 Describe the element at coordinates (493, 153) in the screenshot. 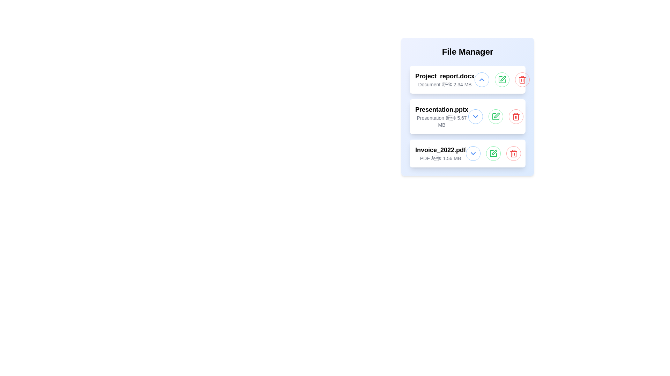

I see `edit button for the file named Invoice_2022.pdf` at that location.